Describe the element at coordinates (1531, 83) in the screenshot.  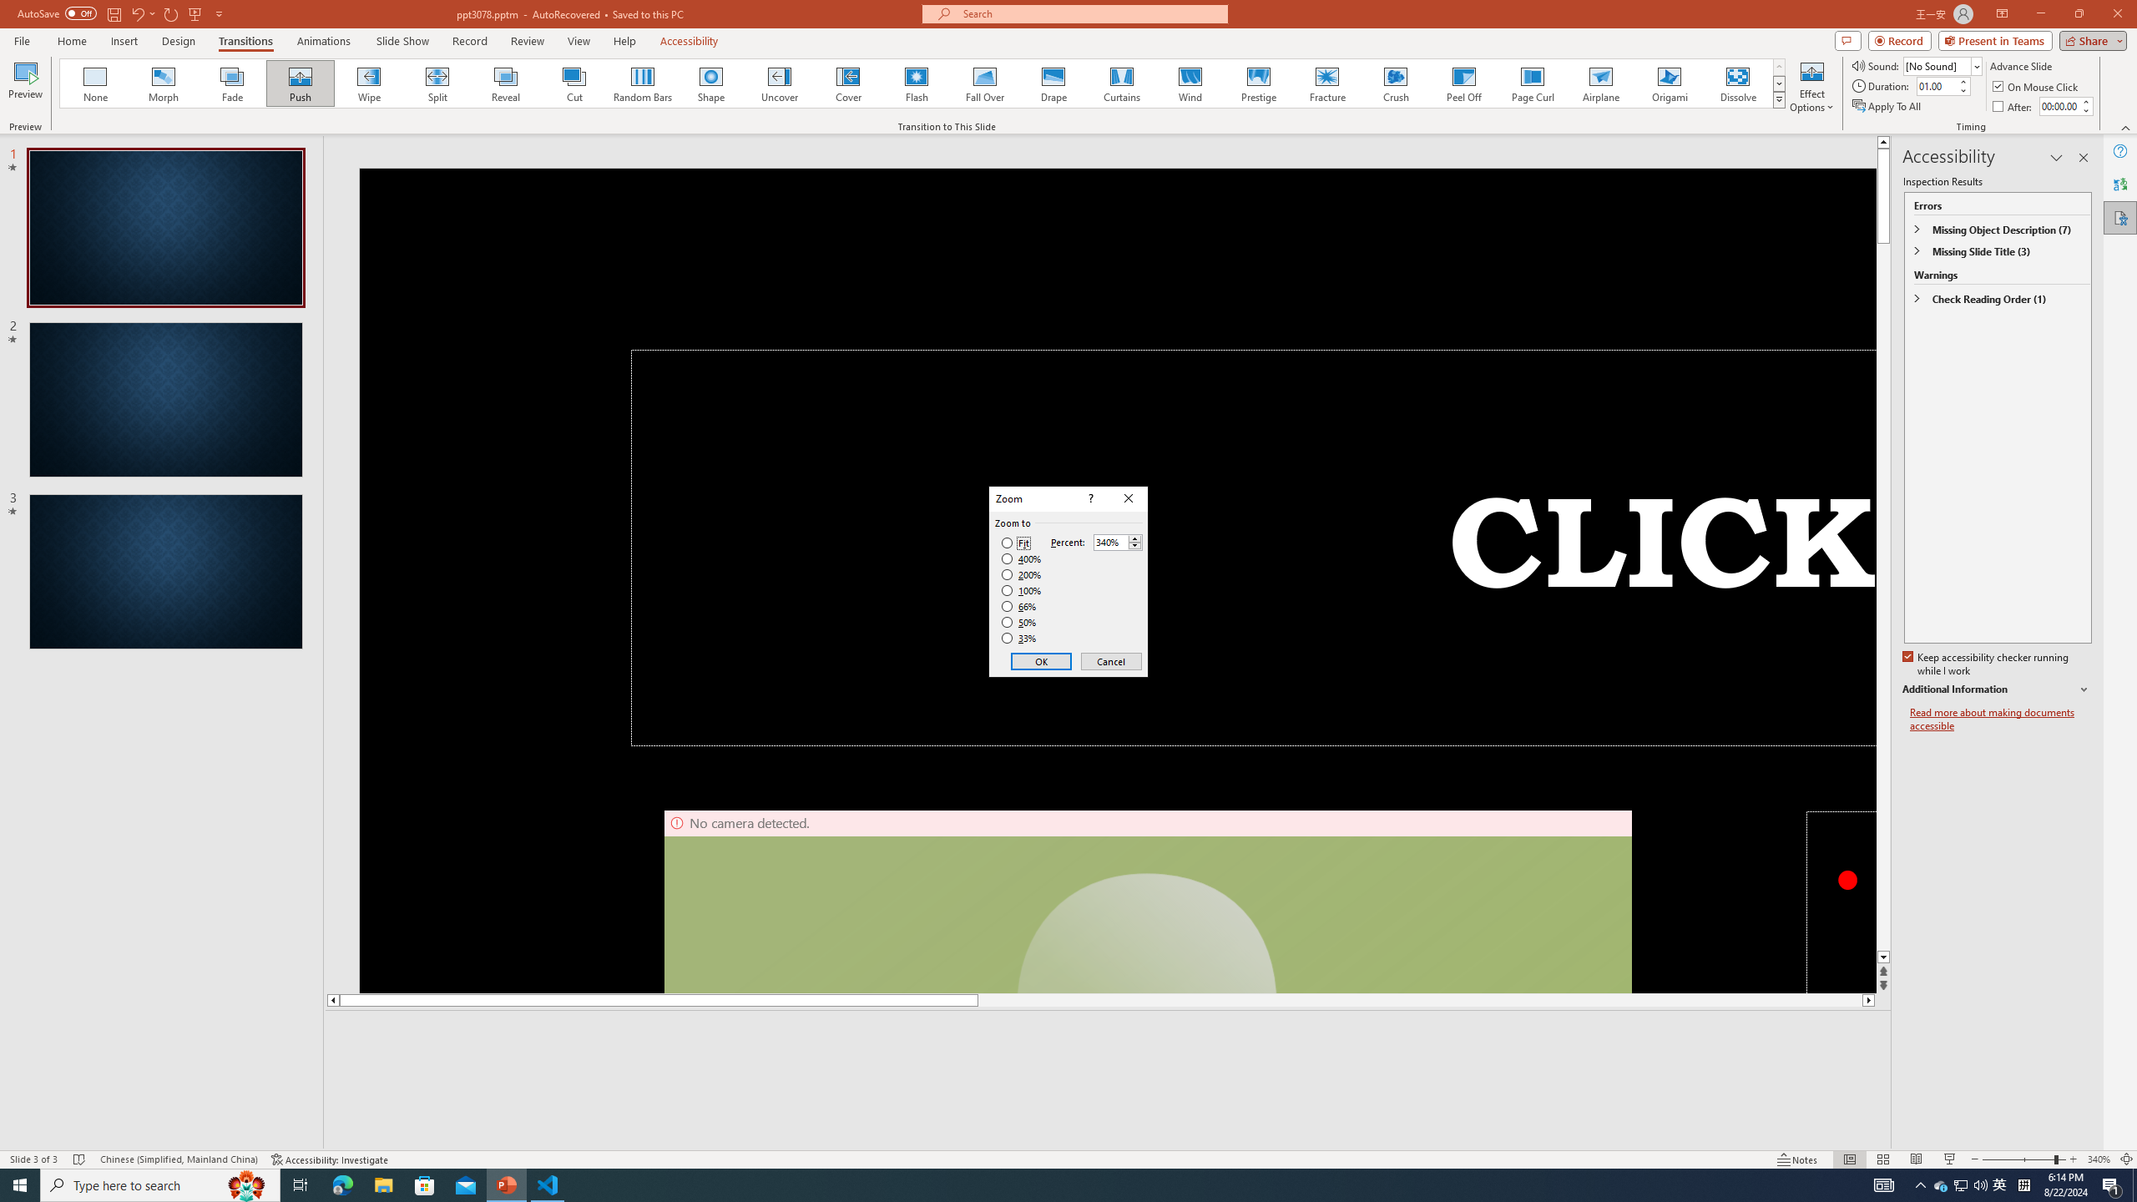
I see `'Page Curl'` at that location.